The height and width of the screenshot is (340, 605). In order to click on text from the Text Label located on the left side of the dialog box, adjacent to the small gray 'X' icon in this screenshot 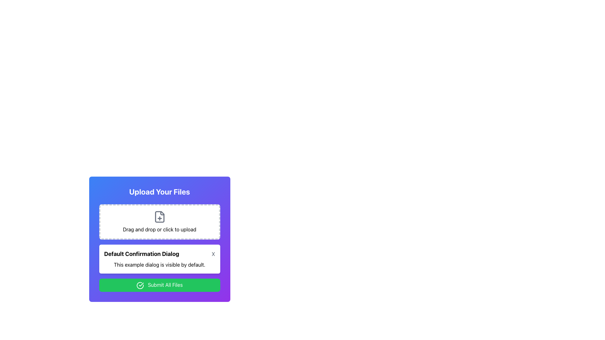, I will do `click(141, 253)`.